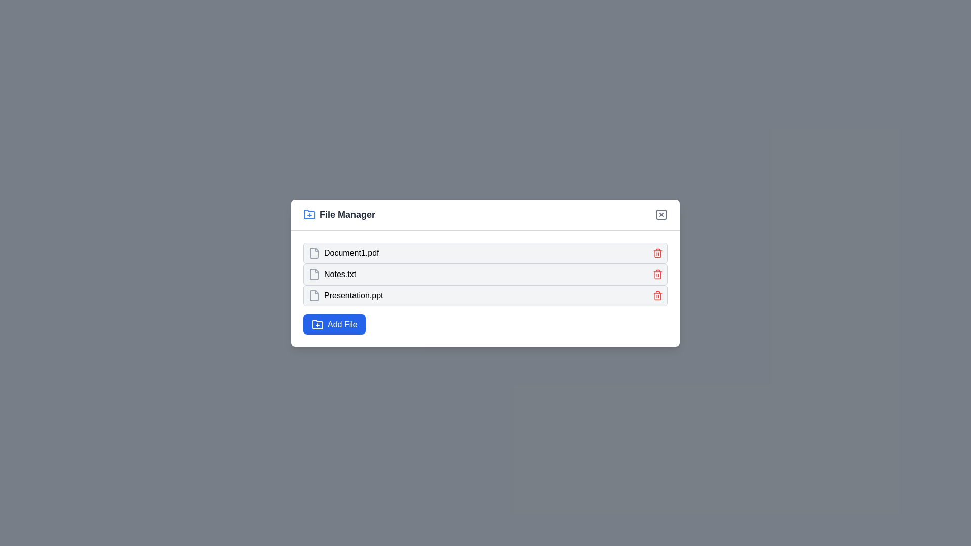 Image resolution: width=971 pixels, height=546 pixels. What do you see at coordinates (313, 274) in the screenshot?
I see `the file type icon representing the 'Notes.txt' document, located to the left of the text label in the list structure` at bounding box center [313, 274].